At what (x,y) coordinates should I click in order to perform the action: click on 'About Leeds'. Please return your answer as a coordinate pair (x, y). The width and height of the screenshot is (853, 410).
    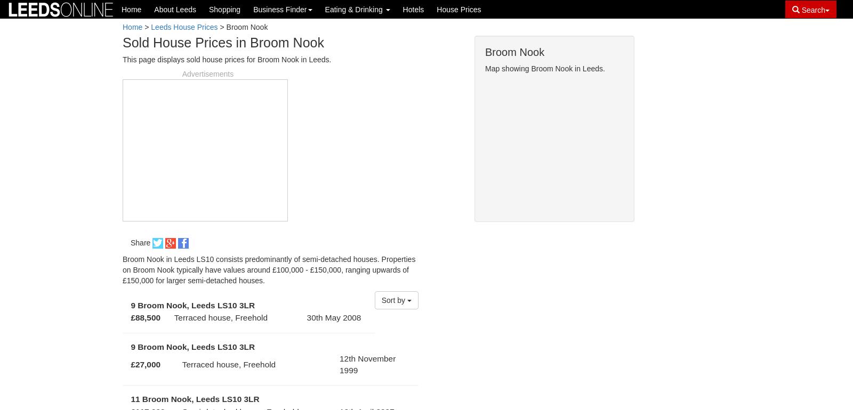
    Looking at the image, I should click on (154, 10).